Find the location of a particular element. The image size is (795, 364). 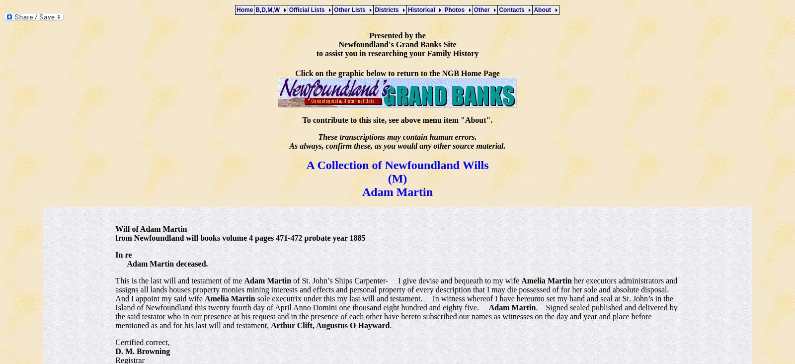

'About' is located at coordinates (544, 9).